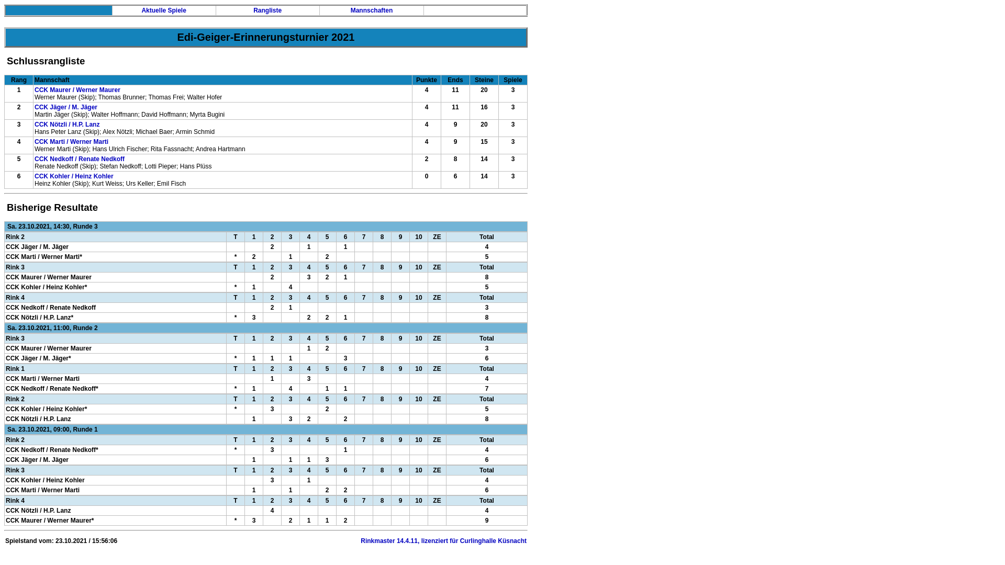 Image resolution: width=1005 pixels, height=565 pixels. Describe the element at coordinates (372, 10) in the screenshot. I see `'Mannschaften'` at that location.